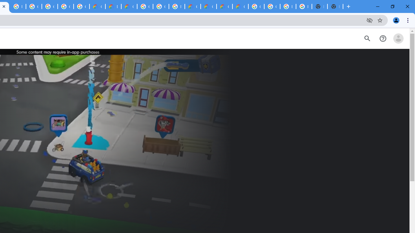 This screenshot has width=415, height=233. What do you see at coordinates (145, 6) in the screenshot?
I see `'Google Cloud Platform'` at bounding box center [145, 6].